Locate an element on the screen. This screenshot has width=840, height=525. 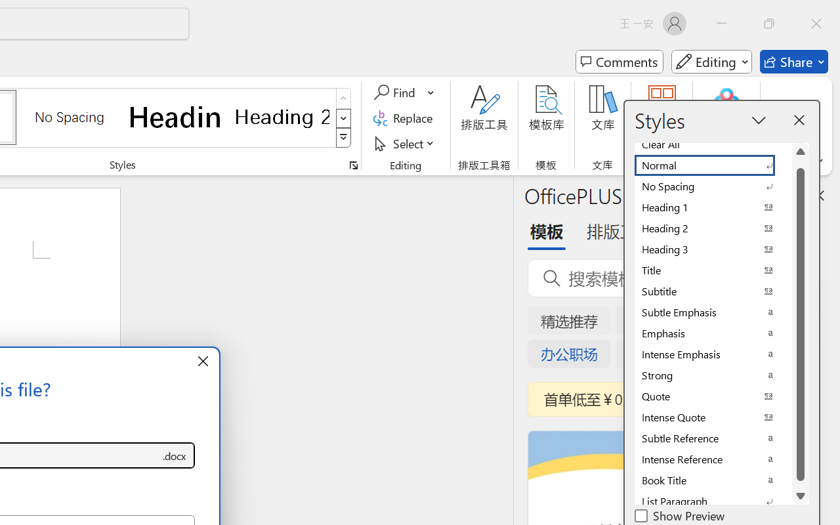
'Subtle Reference' is located at coordinates (712, 438).